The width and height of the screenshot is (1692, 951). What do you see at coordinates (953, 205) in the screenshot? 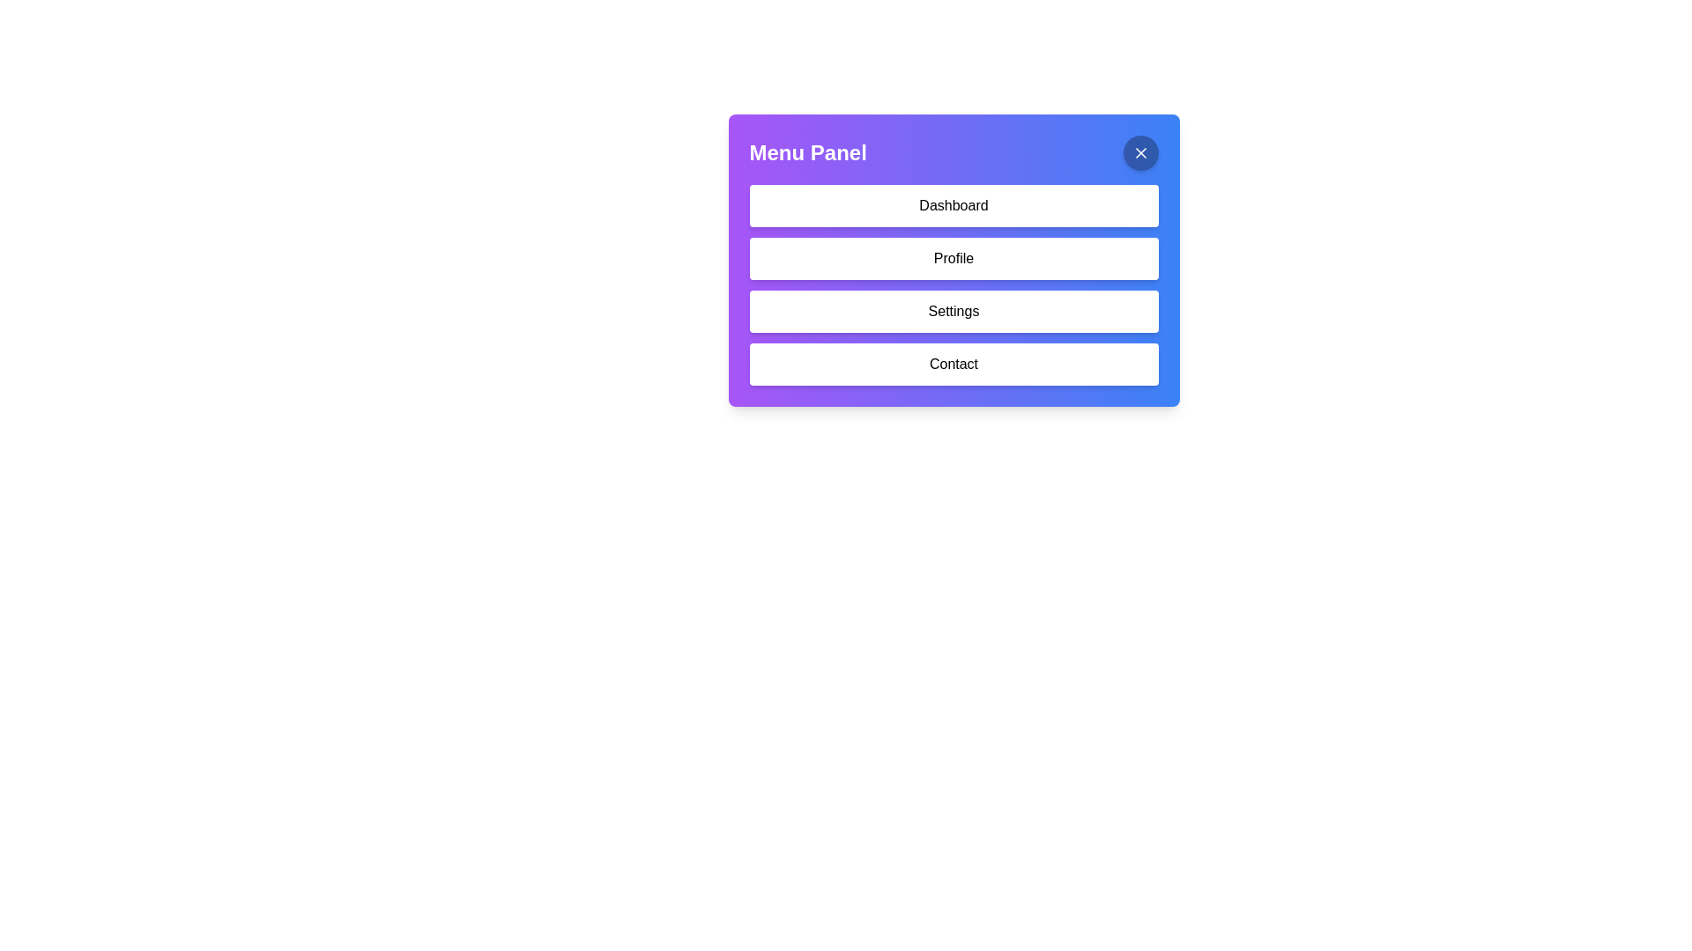
I see `the first button in the vertically aligned group located beneath the 'Menu Panel' header` at bounding box center [953, 205].